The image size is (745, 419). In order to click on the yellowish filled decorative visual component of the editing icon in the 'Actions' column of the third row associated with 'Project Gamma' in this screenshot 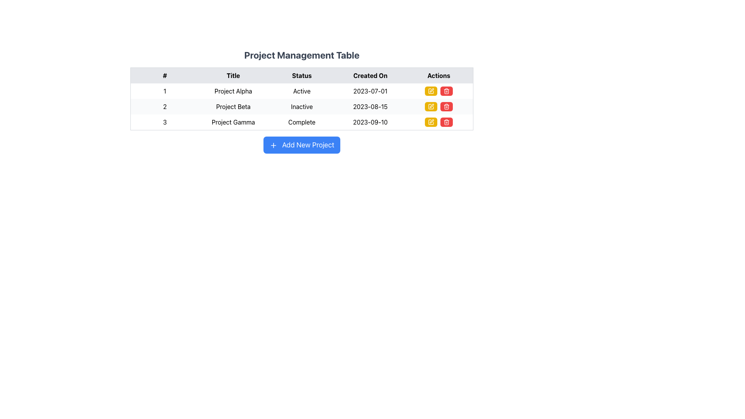, I will do `click(430, 122)`.